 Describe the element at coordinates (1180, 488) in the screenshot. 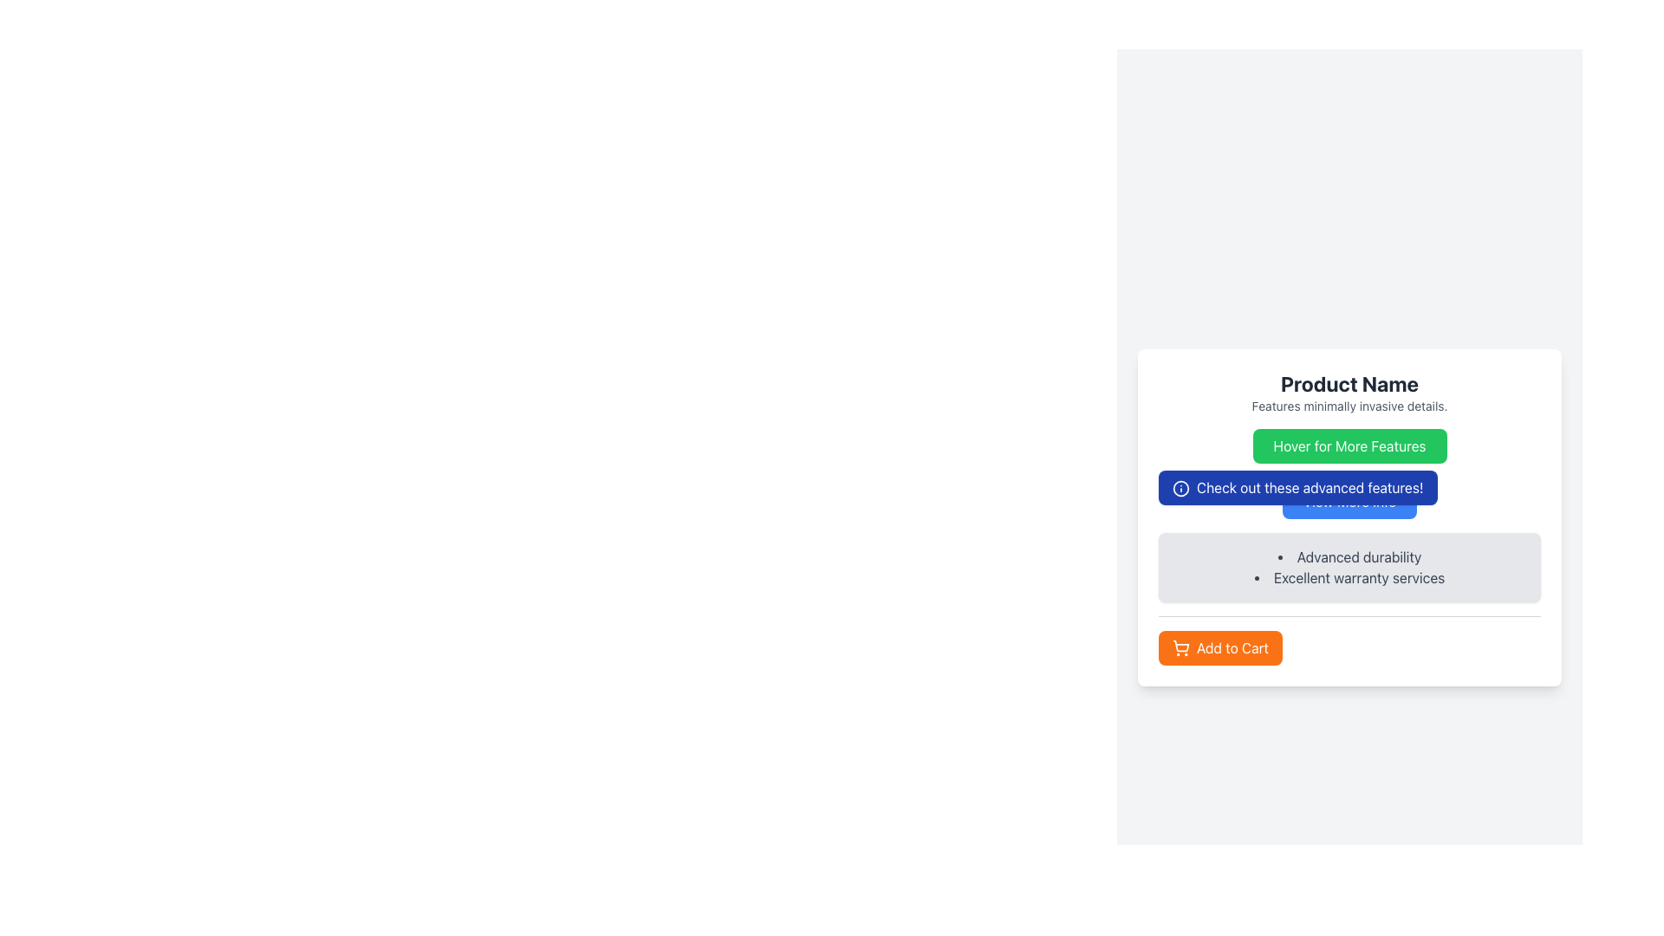

I see `the circular information icon located to the left of the blue tooltip text box that reads 'Check out these advanced features!'` at that location.